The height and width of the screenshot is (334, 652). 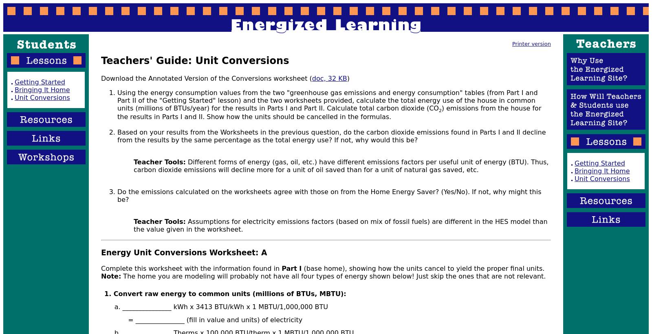 I want to click on 'Printer version', so click(x=531, y=44).